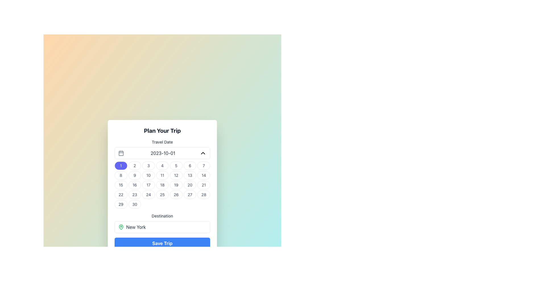 This screenshot has height=307, width=546. Describe the element at coordinates (121, 204) in the screenshot. I see `the selectable day button '29' in the date picker interface` at that location.